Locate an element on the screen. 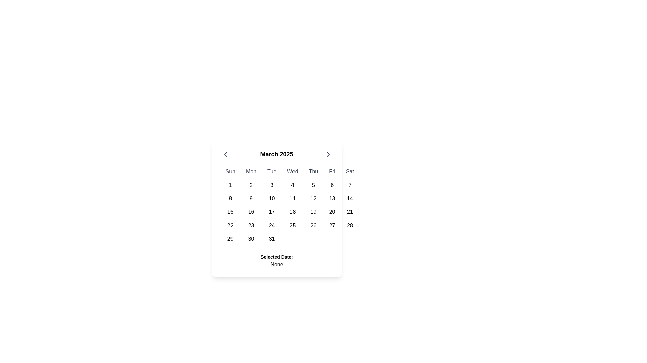 This screenshot has height=363, width=647. the right-pointing arrow icon located adjacent to the title 'March 2025' in the calendar interface is located at coordinates (328, 154).